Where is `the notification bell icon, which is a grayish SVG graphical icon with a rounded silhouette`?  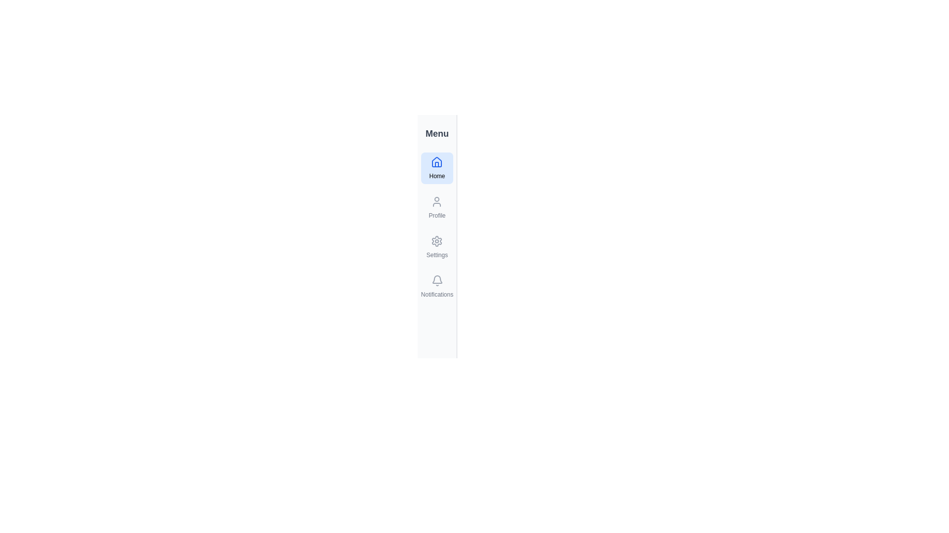 the notification bell icon, which is a grayish SVG graphical icon with a rounded silhouette is located at coordinates (436, 279).